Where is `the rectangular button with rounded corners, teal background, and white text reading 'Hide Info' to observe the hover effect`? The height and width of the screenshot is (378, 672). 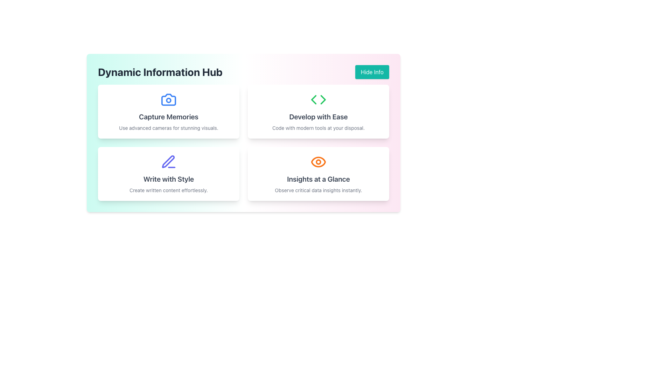
the rectangular button with rounded corners, teal background, and white text reading 'Hide Info' to observe the hover effect is located at coordinates (372, 72).